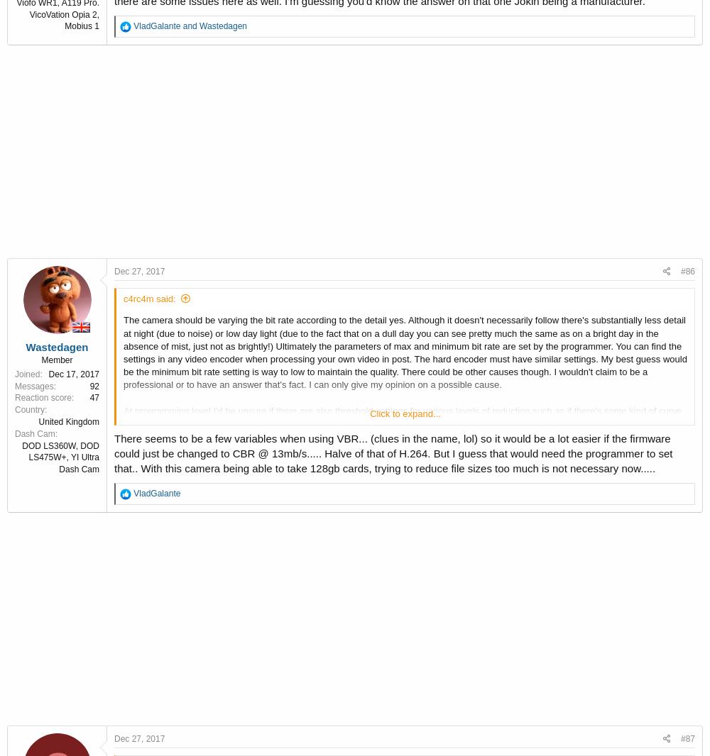  What do you see at coordinates (15, 384) in the screenshot?
I see `'Messages'` at bounding box center [15, 384].